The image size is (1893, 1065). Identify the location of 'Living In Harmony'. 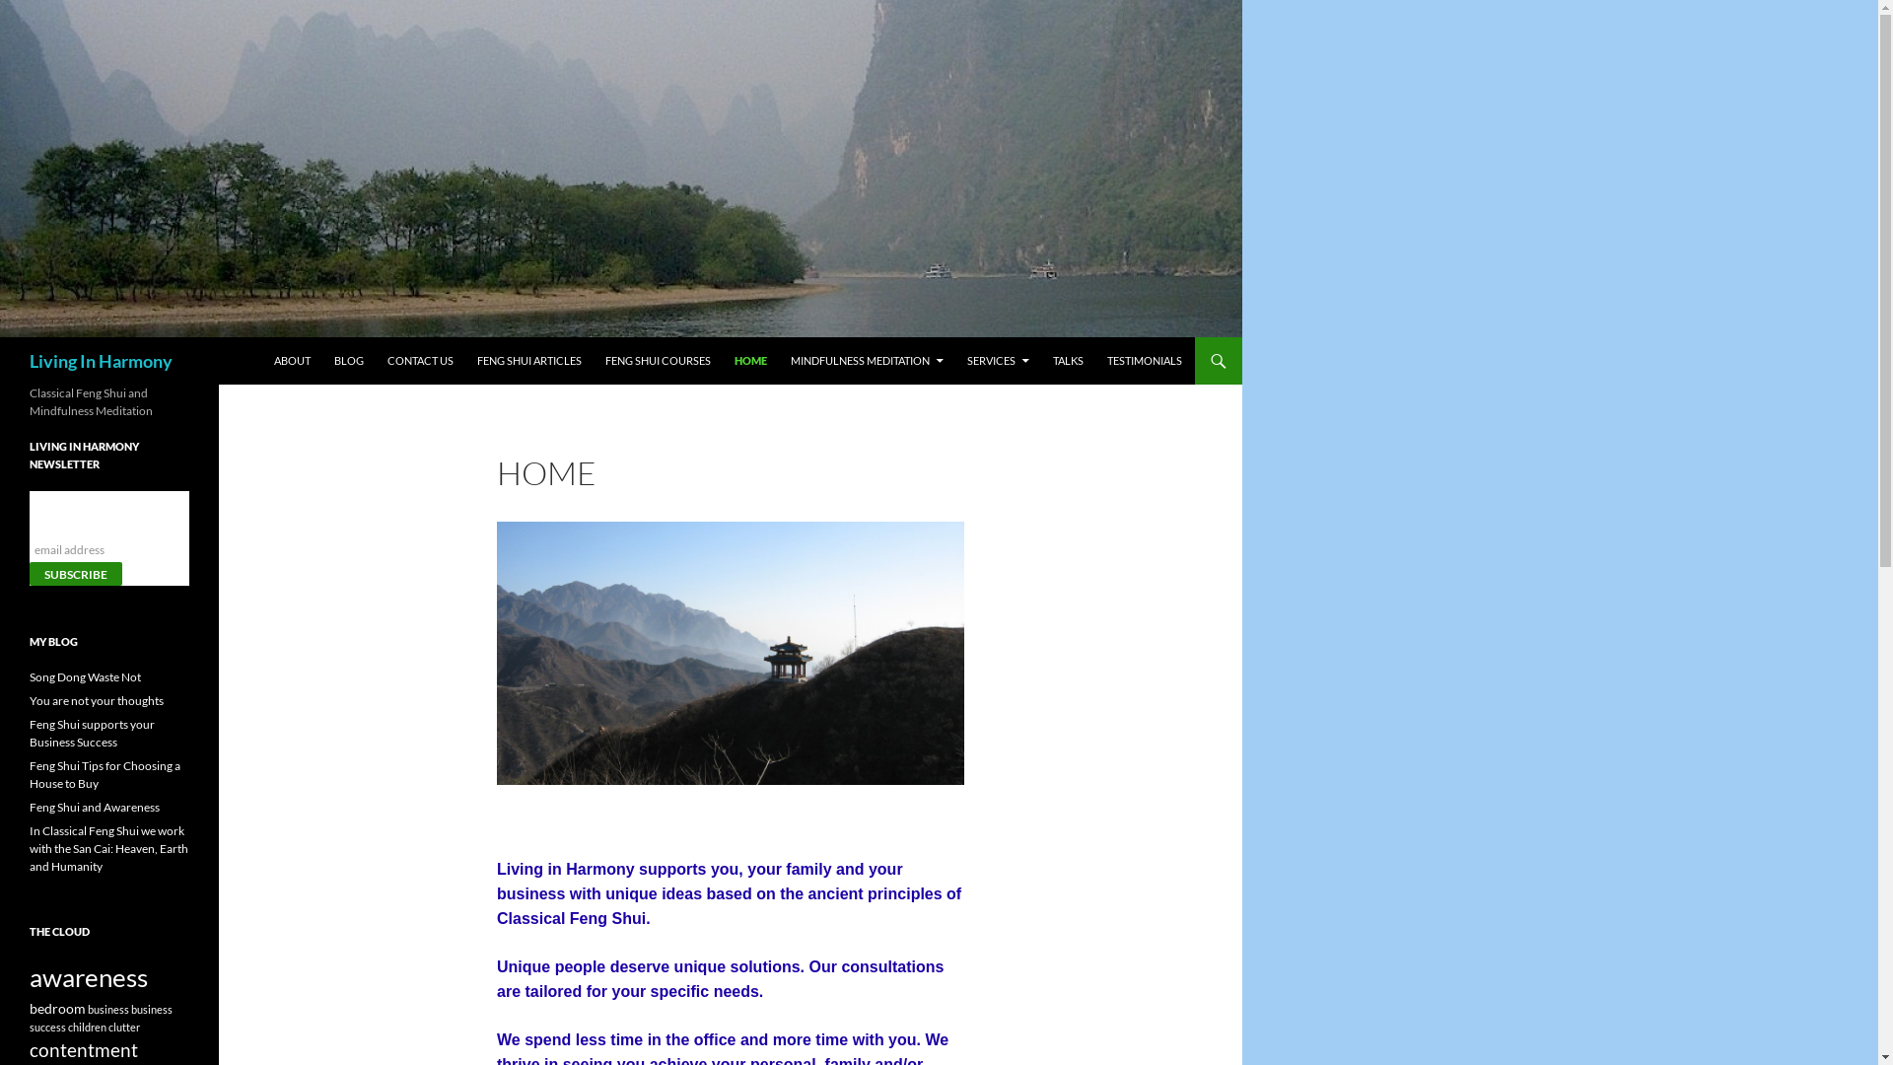
(100, 361).